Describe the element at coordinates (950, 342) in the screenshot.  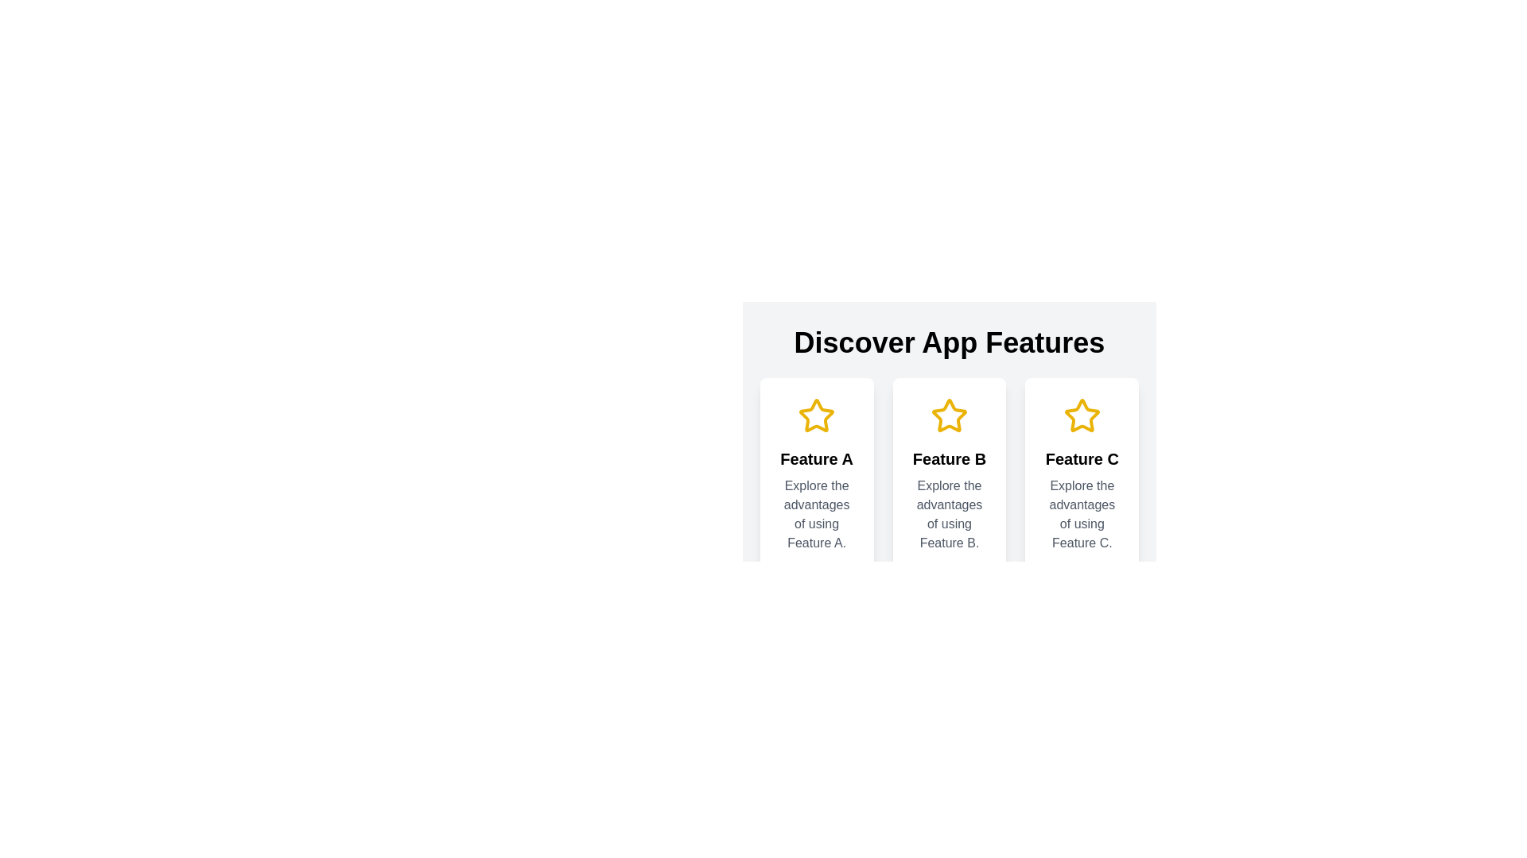
I see `the title text element located at the top-center of the section, which serves as a heading for the feature descriptions` at that location.